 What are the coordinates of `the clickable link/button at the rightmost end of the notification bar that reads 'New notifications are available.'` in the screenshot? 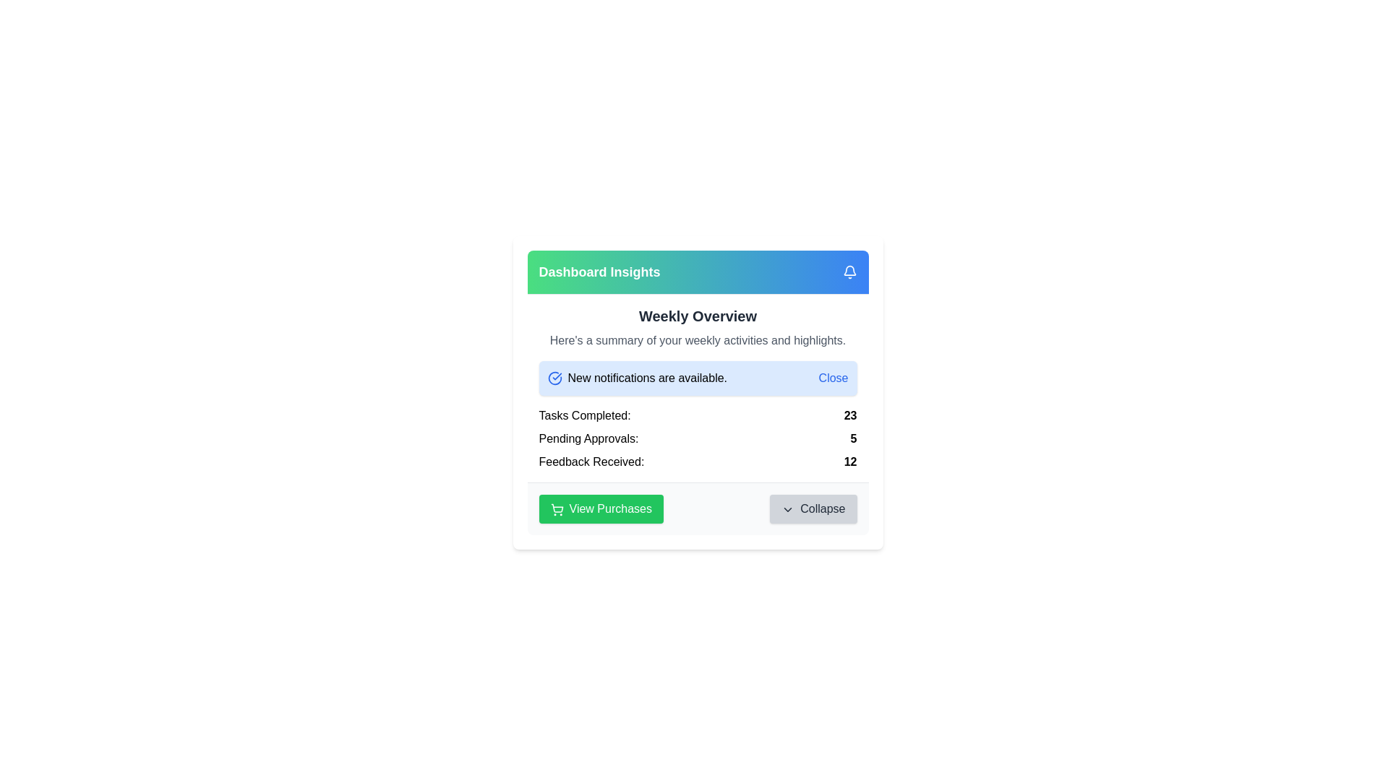 It's located at (833, 378).